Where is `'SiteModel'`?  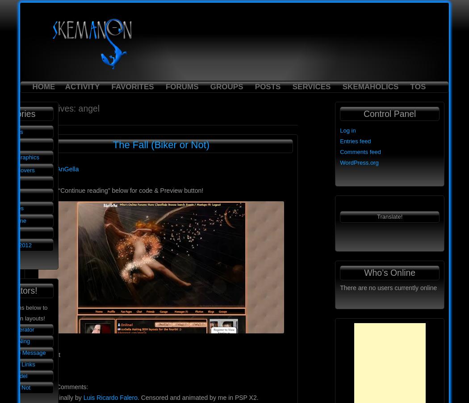 'SiteModel' is located at coordinates (14, 375).